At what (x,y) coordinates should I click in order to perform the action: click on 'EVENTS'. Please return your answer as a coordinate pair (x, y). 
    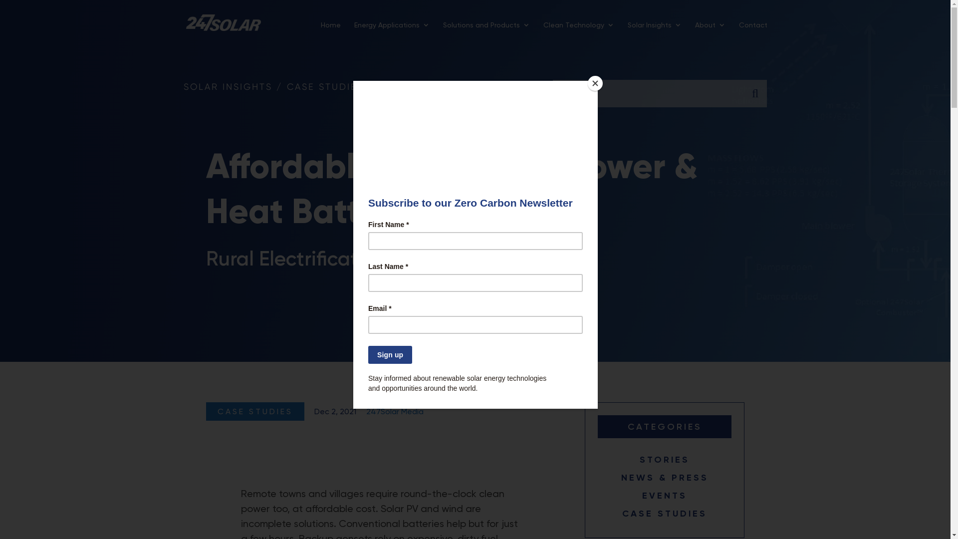
    Looking at the image, I should click on (664, 495).